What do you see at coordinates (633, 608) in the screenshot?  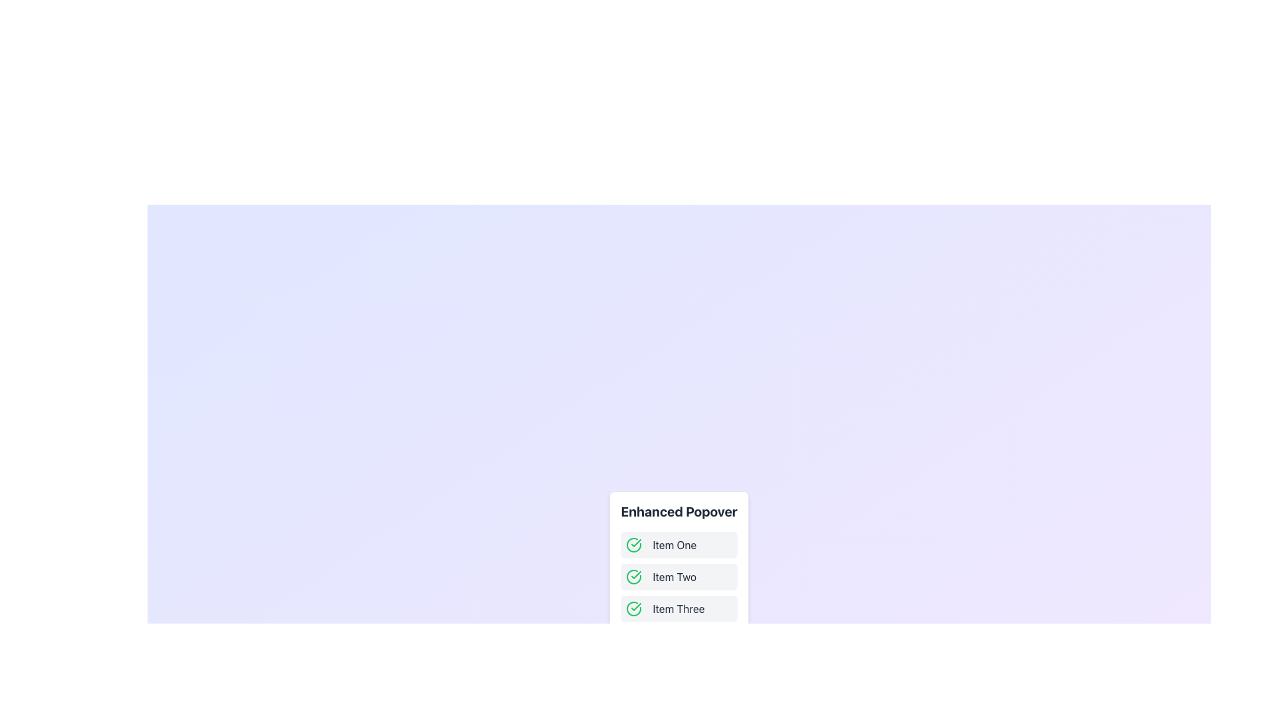 I see `the circular check-mark icon within the 'Enhanced Popover' next to 'Item Three'` at bounding box center [633, 608].